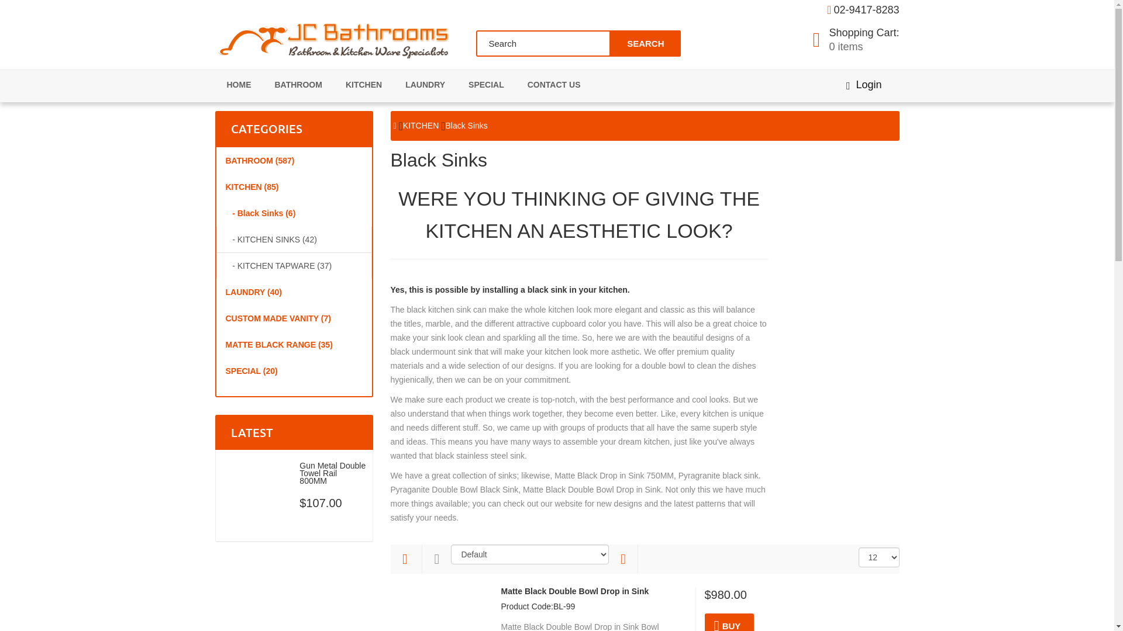  I want to click on '   - KITCHEN SINKS (42)', so click(294, 238).